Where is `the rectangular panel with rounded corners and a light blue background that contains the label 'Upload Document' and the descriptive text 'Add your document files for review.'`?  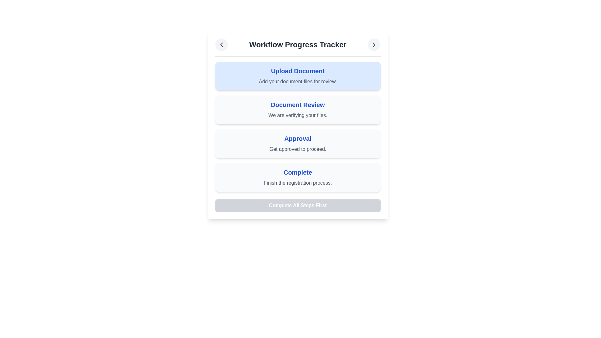
the rectangular panel with rounded corners and a light blue background that contains the label 'Upload Document' and the descriptive text 'Add your document files for review.' is located at coordinates (297, 76).